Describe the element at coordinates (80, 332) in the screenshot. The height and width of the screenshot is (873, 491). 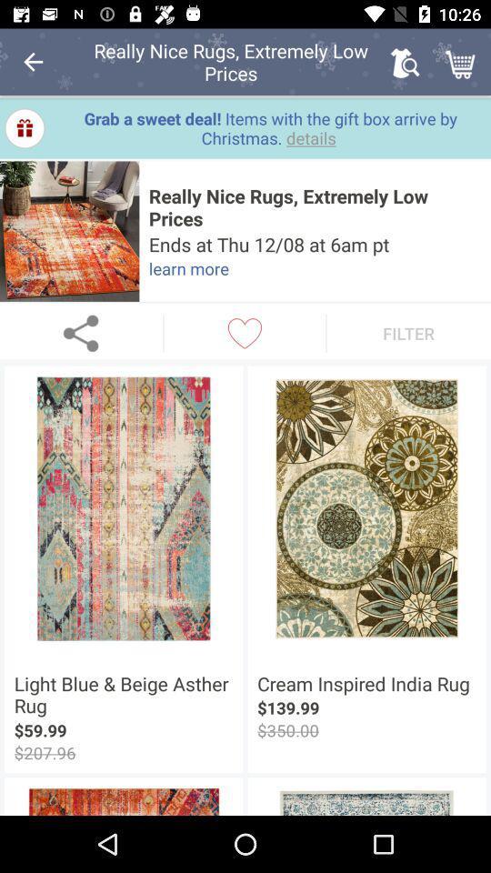
I see `share to other` at that location.